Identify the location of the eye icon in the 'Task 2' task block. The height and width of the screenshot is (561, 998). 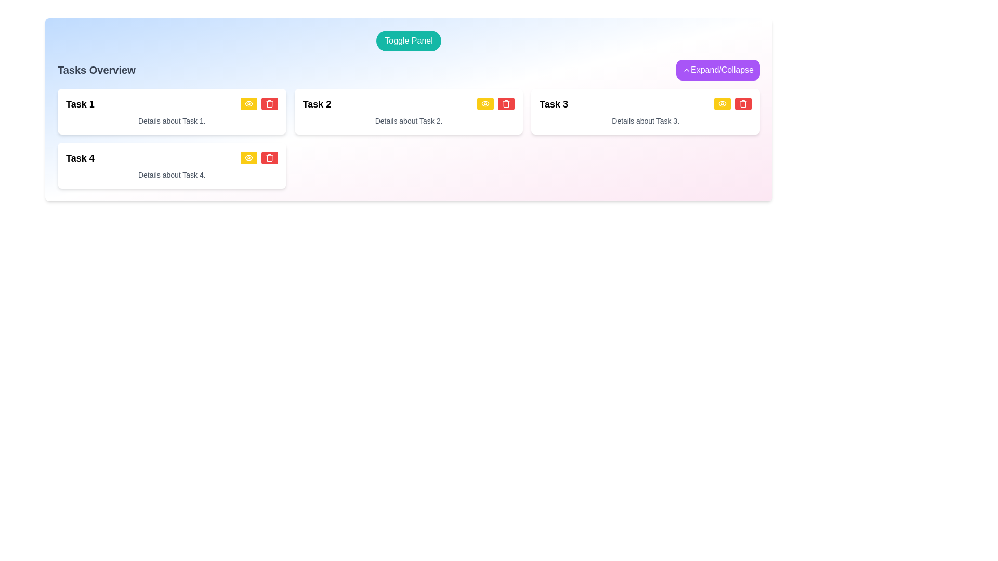
(485, 103).